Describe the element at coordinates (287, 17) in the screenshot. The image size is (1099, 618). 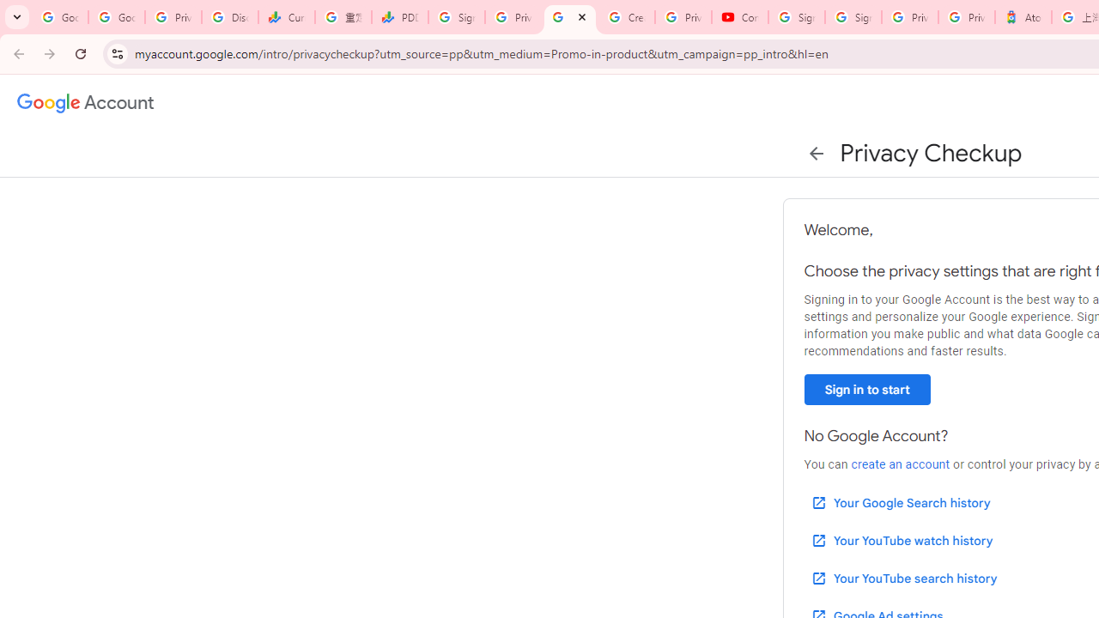
I see `'Currencies - Google Finance'` at that location.